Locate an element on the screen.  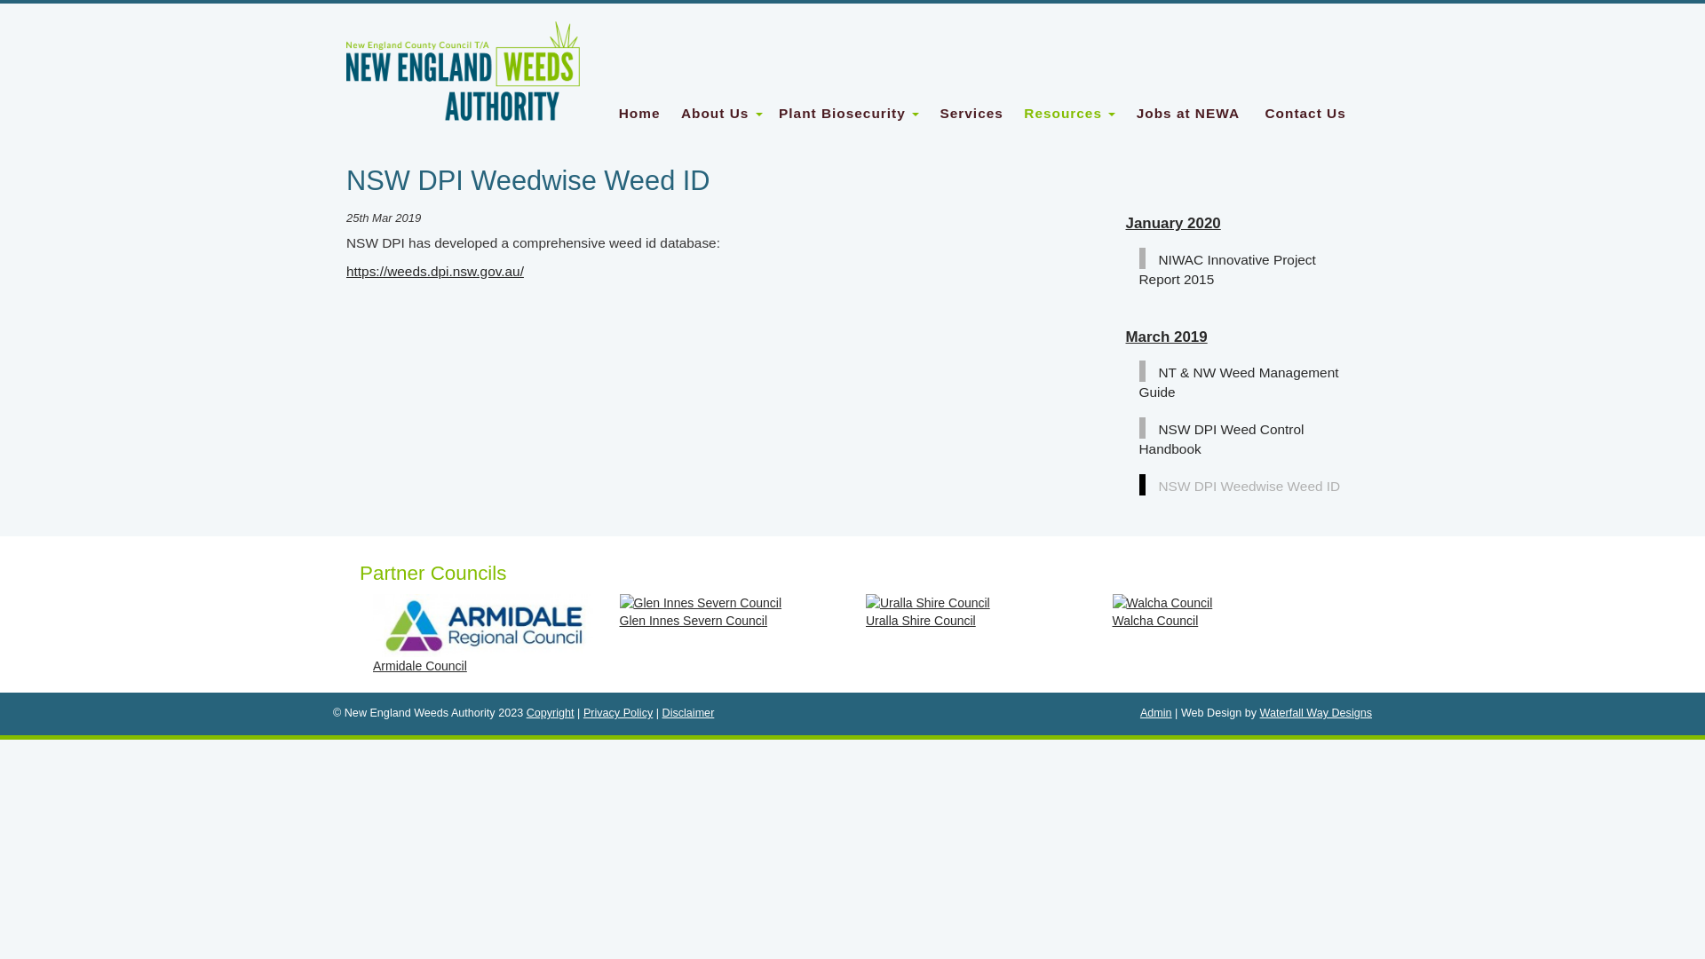
'Uralla Shire Council' is located at coordinates (865, 611).